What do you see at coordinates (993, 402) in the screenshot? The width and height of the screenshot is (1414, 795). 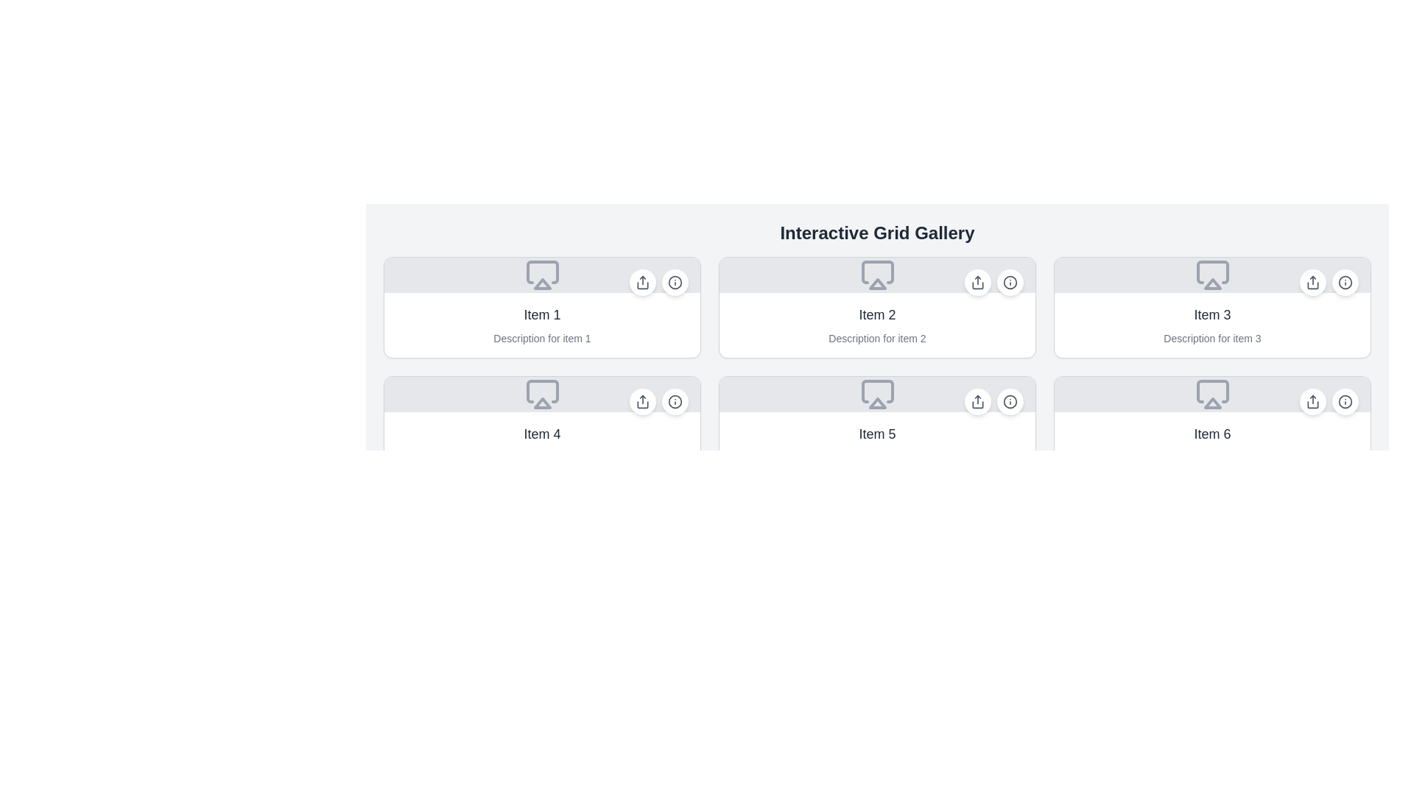 I see `the information button located in the top-right corner of the 'Item 5' card` at bounding box center [993, 402].